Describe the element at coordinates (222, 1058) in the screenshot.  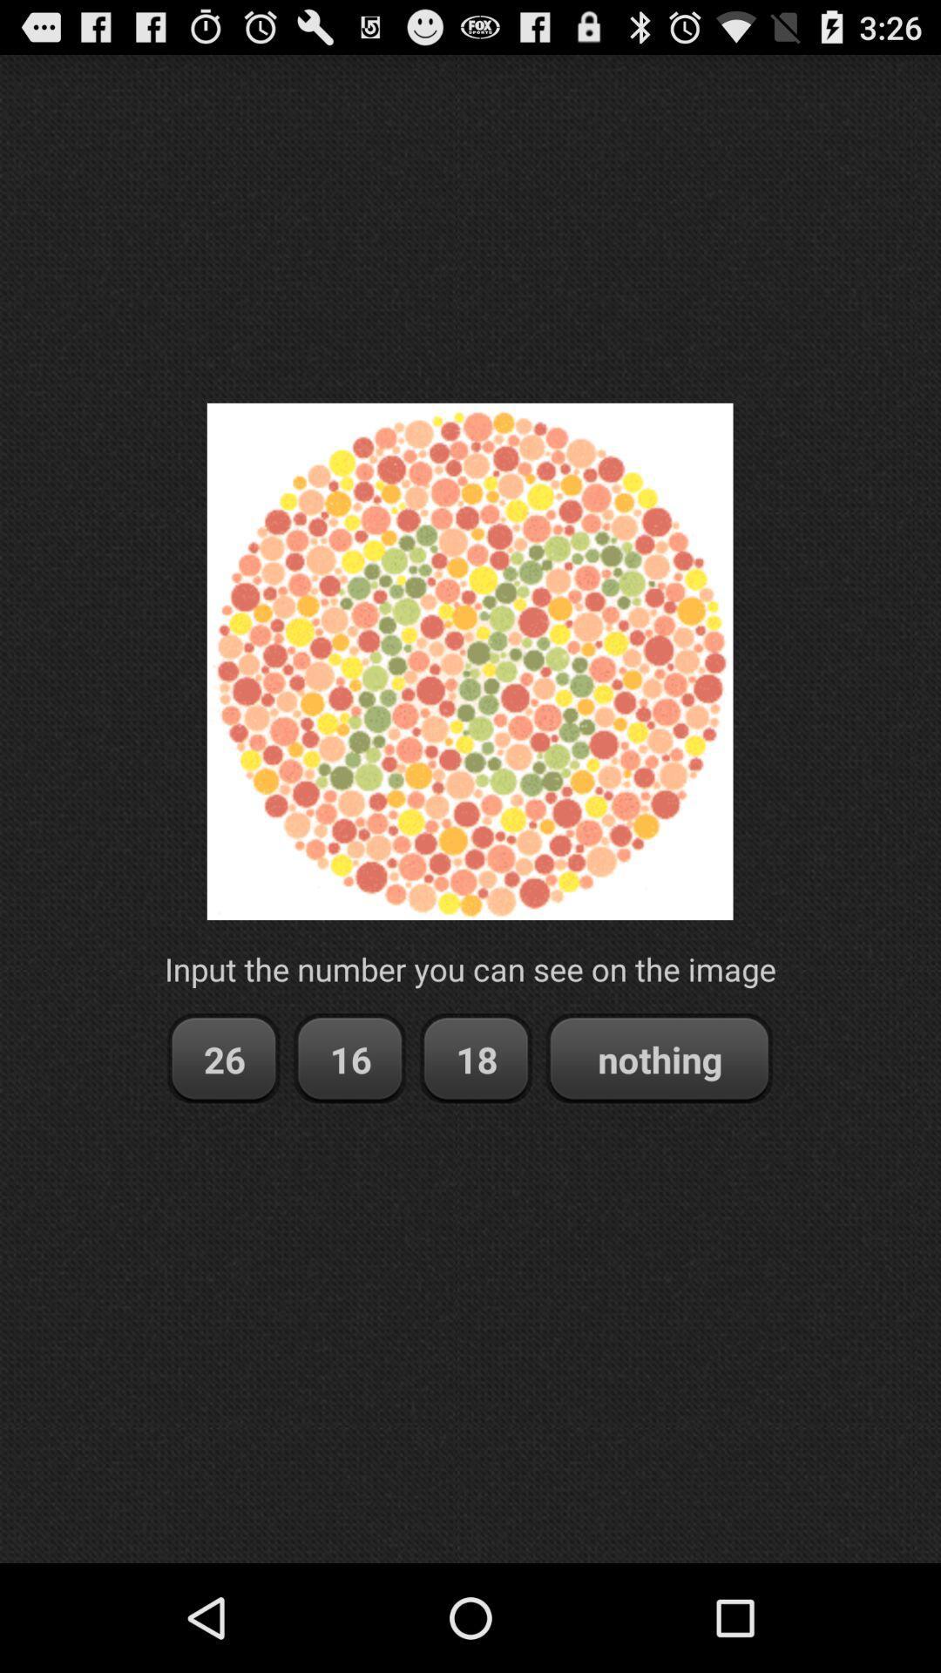
I see `26 button` at that location.